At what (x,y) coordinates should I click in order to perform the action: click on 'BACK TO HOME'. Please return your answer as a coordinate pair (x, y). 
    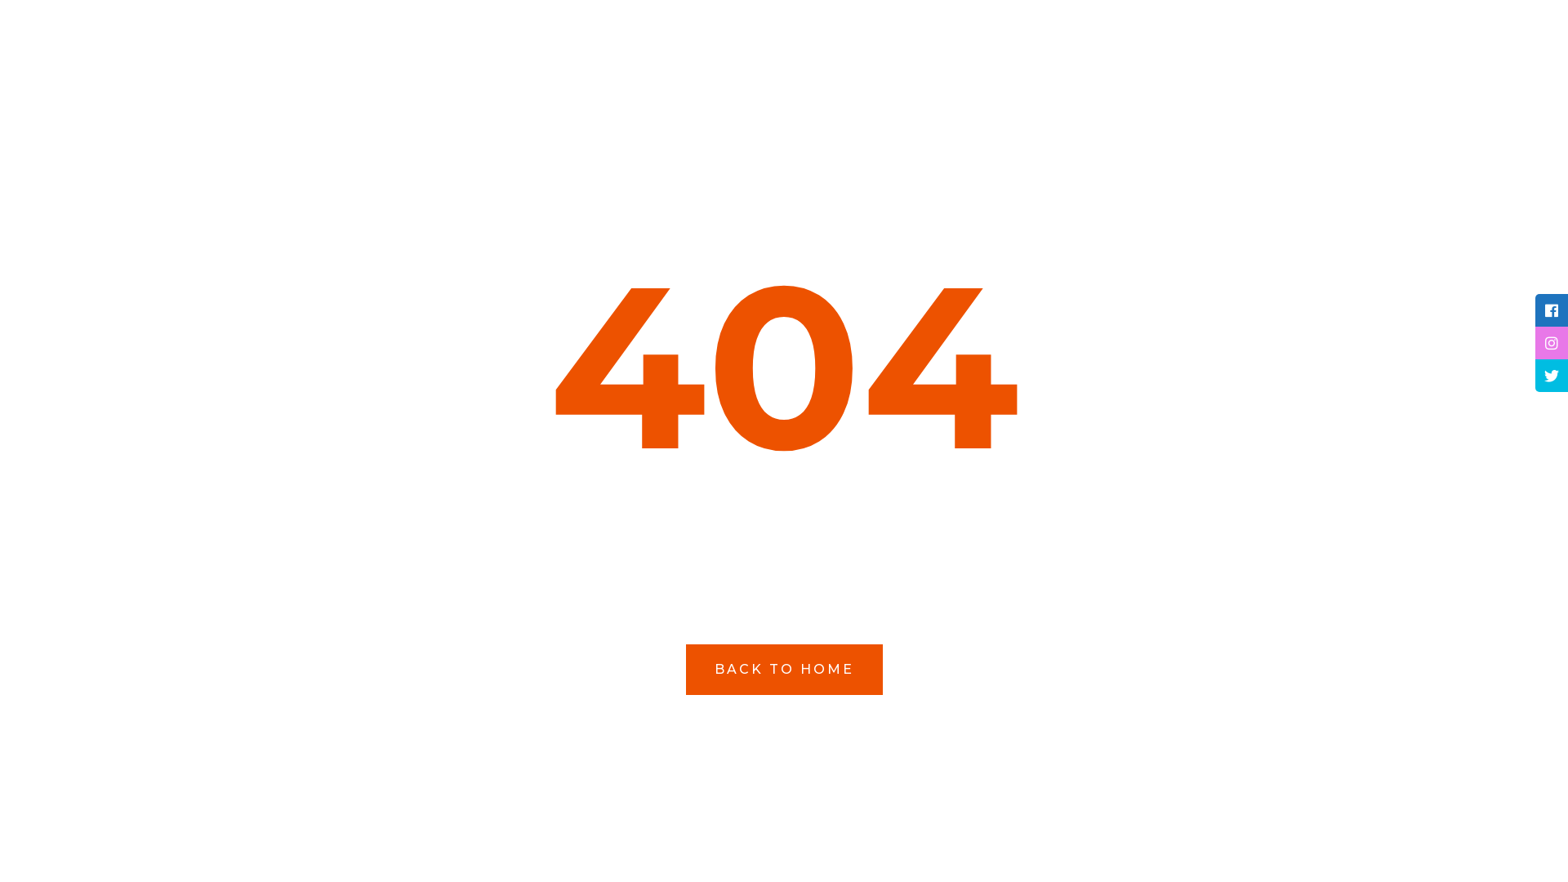
    Looking at the image, I should click on (784, 668).